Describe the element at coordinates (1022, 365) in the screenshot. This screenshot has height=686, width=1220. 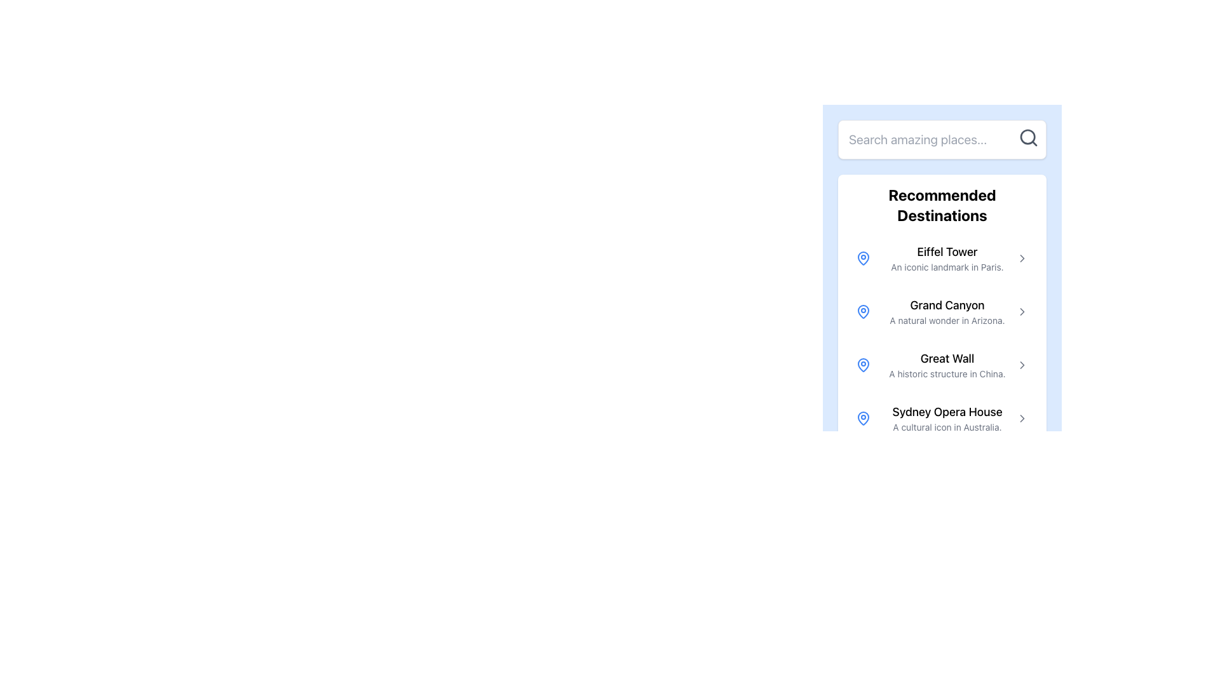
I see `the third chevron icon located to the right of the text 'Great Wall' in the 'Recommended Destinations' section, which serves as a navigation indicator for further details or actions related to the Great Wall` at that location.